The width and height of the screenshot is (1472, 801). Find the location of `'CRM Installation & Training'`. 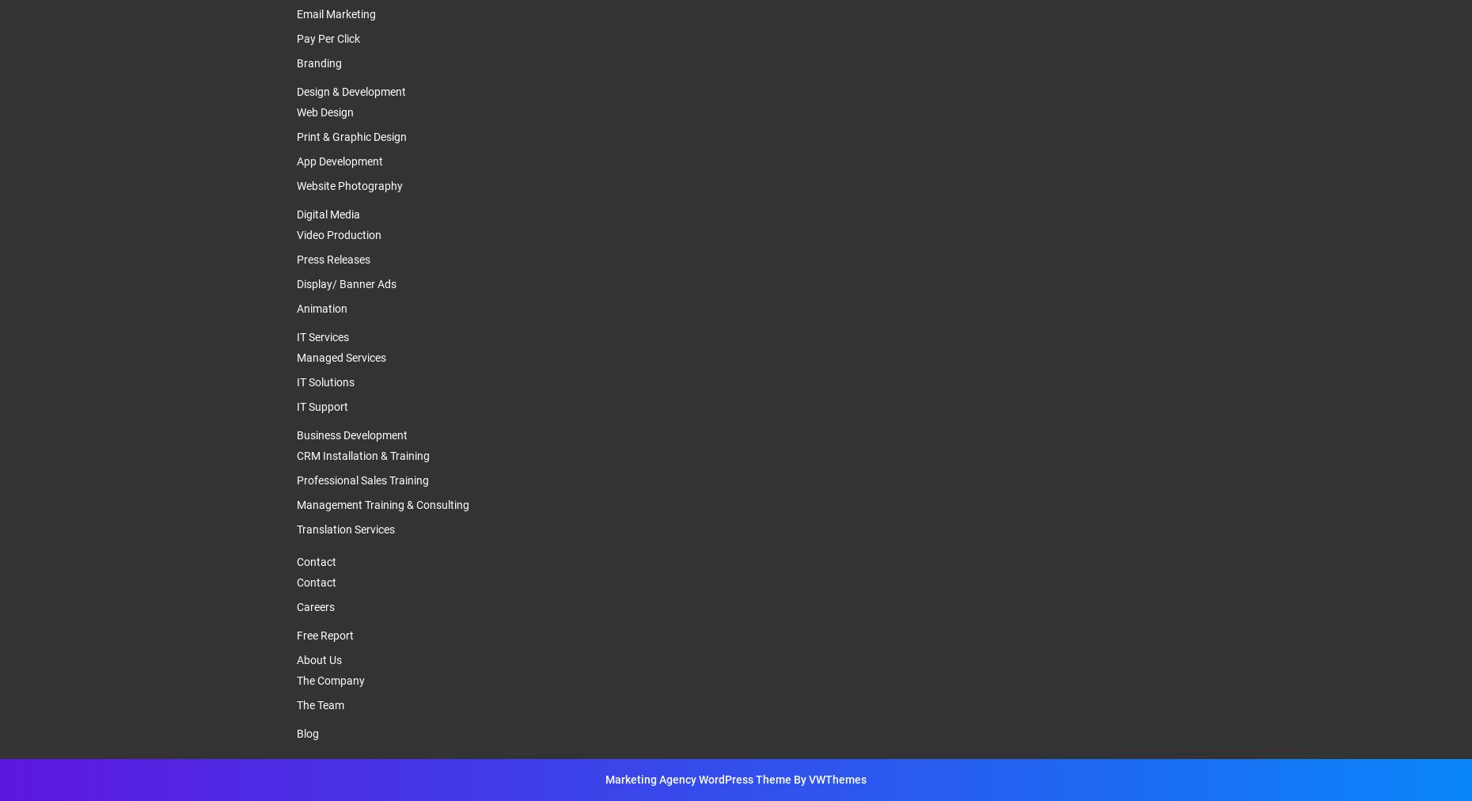

'CRM Installation & Training' is located at coordinates (363, 455).